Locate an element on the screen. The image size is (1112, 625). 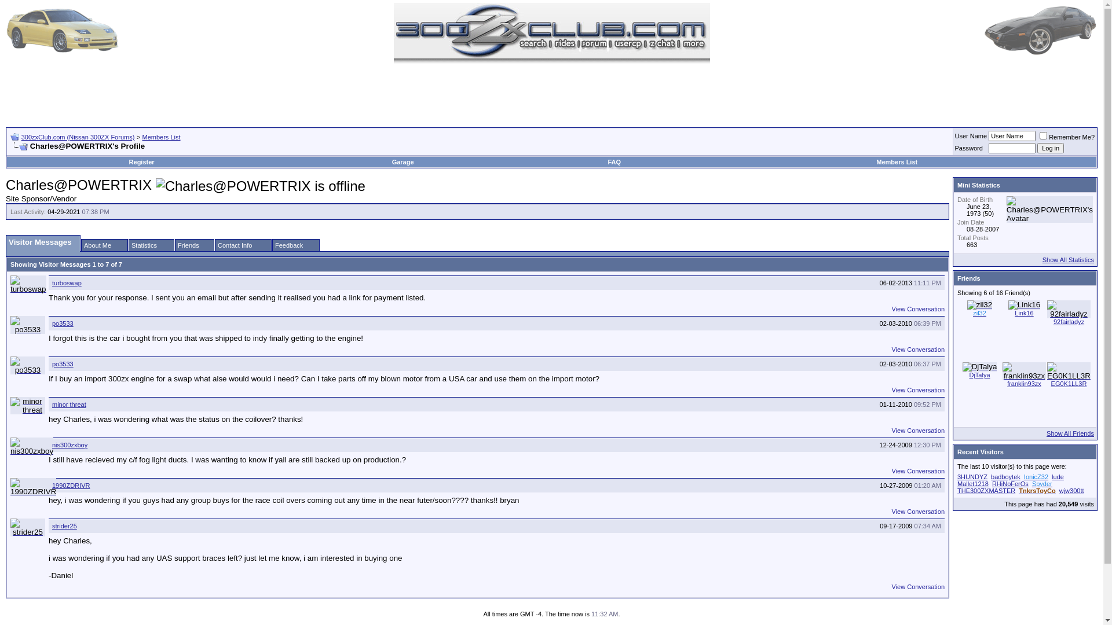
'Spyder' is located at coordinates (1042, 484).